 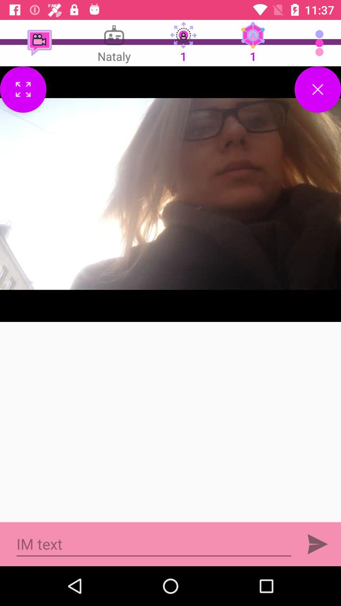 I want to click on forward, so click(x=318, y=544).